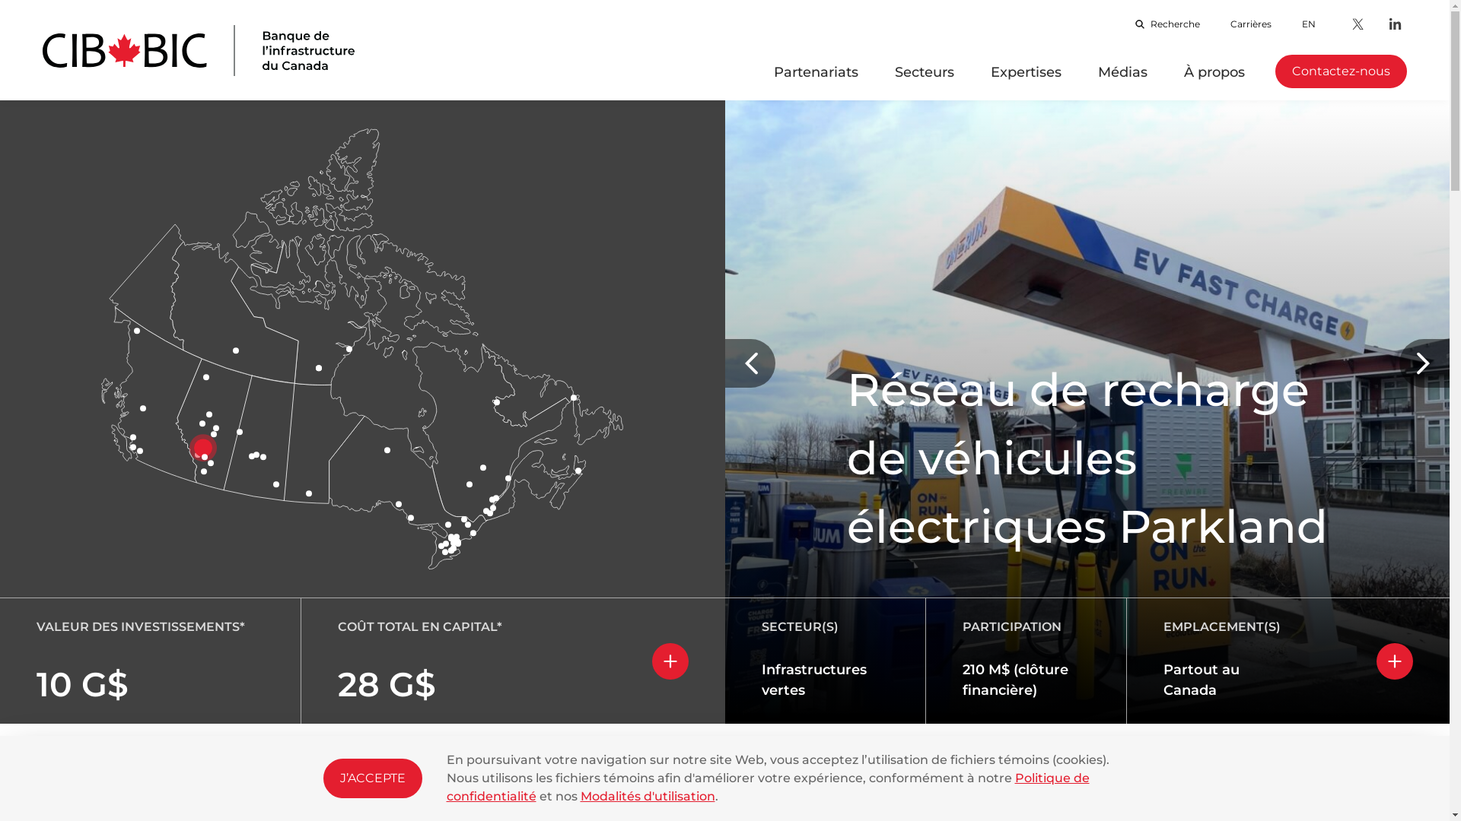  Describe the element at coordinates (1167, 24) in the screenshot. I see `'Recherche'` at that location.